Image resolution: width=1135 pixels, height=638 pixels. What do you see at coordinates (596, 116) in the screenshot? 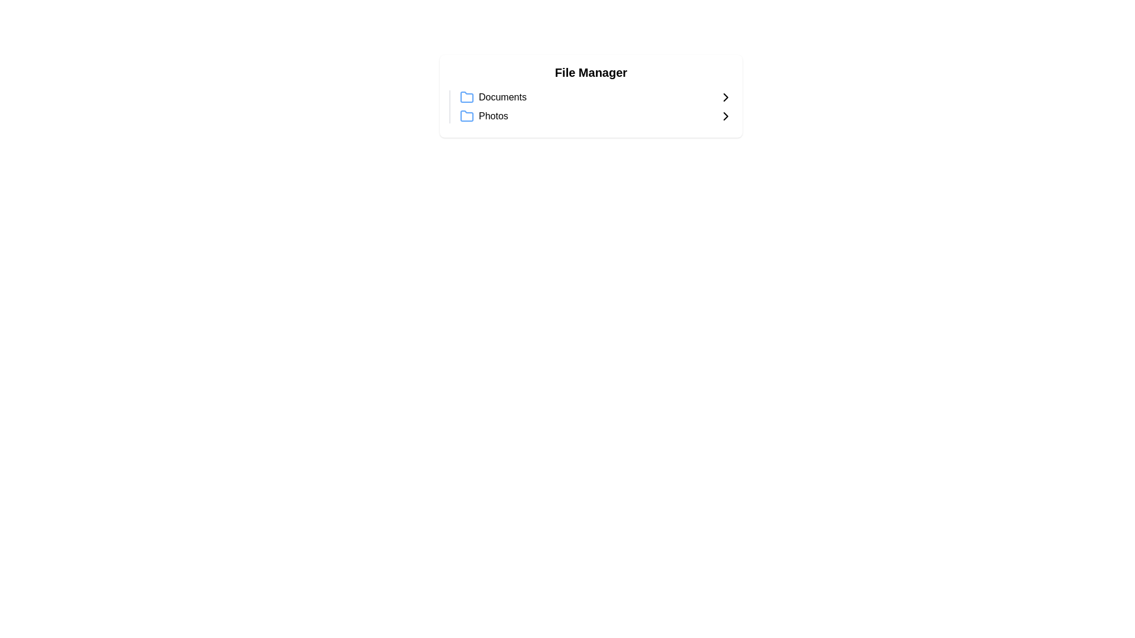
I see `the 'Photos' folder entry in the file manager interface` at bounding box center [596, 116].